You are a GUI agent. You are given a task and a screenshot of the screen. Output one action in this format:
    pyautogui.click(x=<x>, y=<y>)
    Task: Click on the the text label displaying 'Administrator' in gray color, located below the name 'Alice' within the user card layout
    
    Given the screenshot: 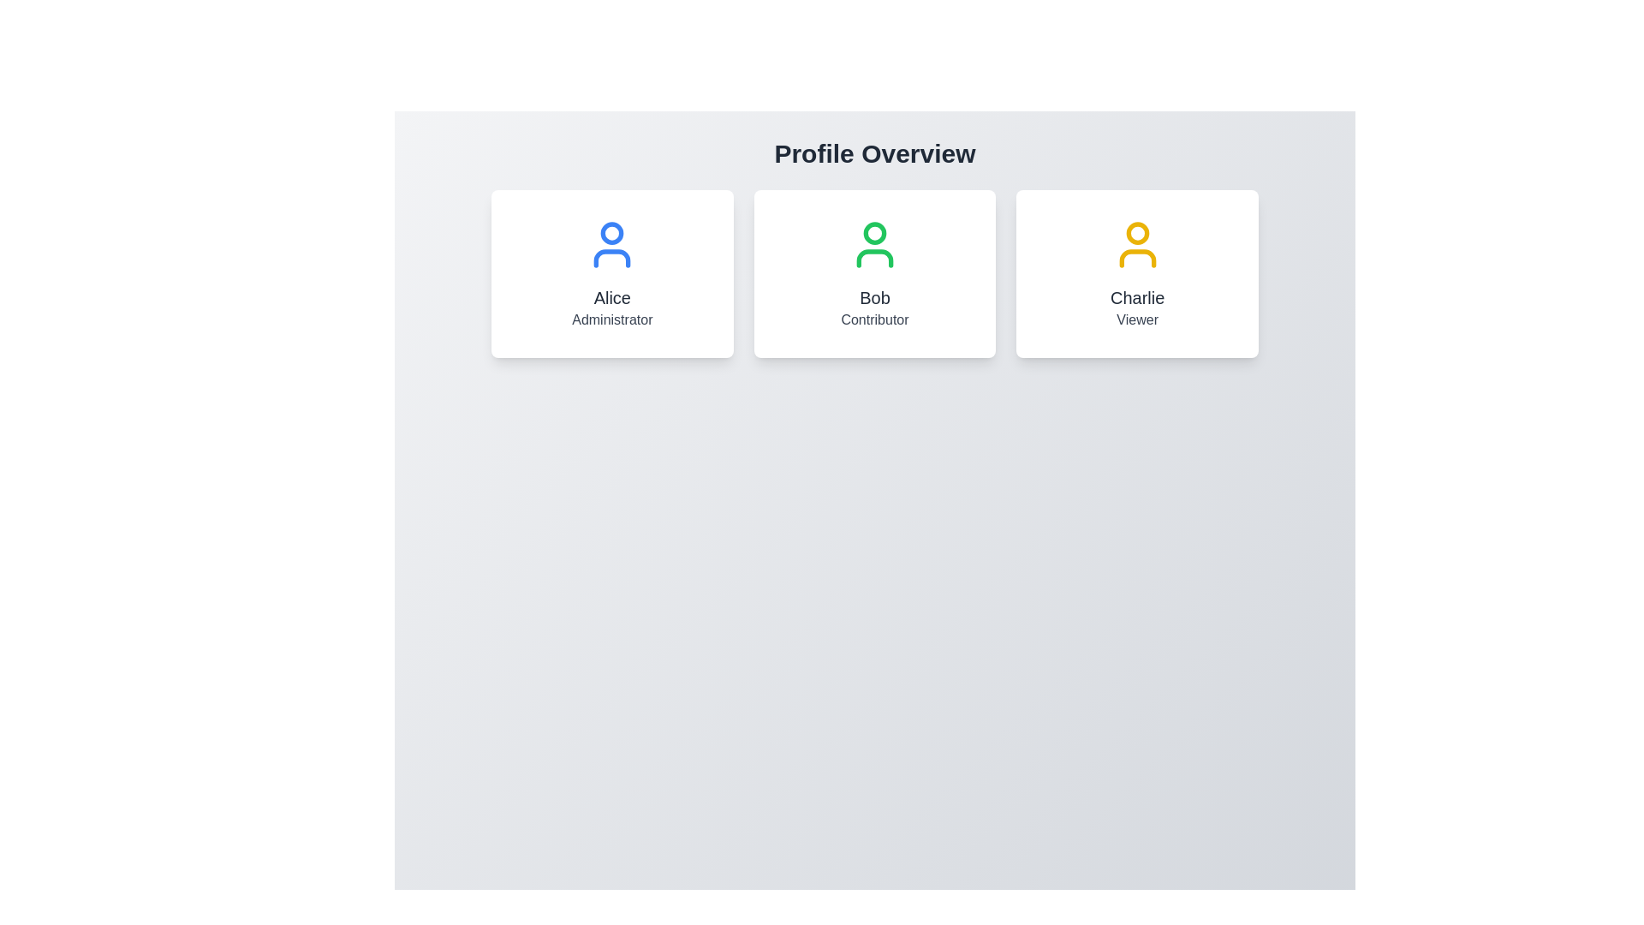 What is the action you would take?
    pyautogui.click(x=612, y=320)
    